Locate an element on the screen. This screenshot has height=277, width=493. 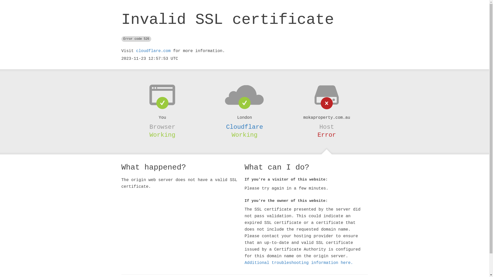
'cloudflare.com' is located at coordinates (153, 51).